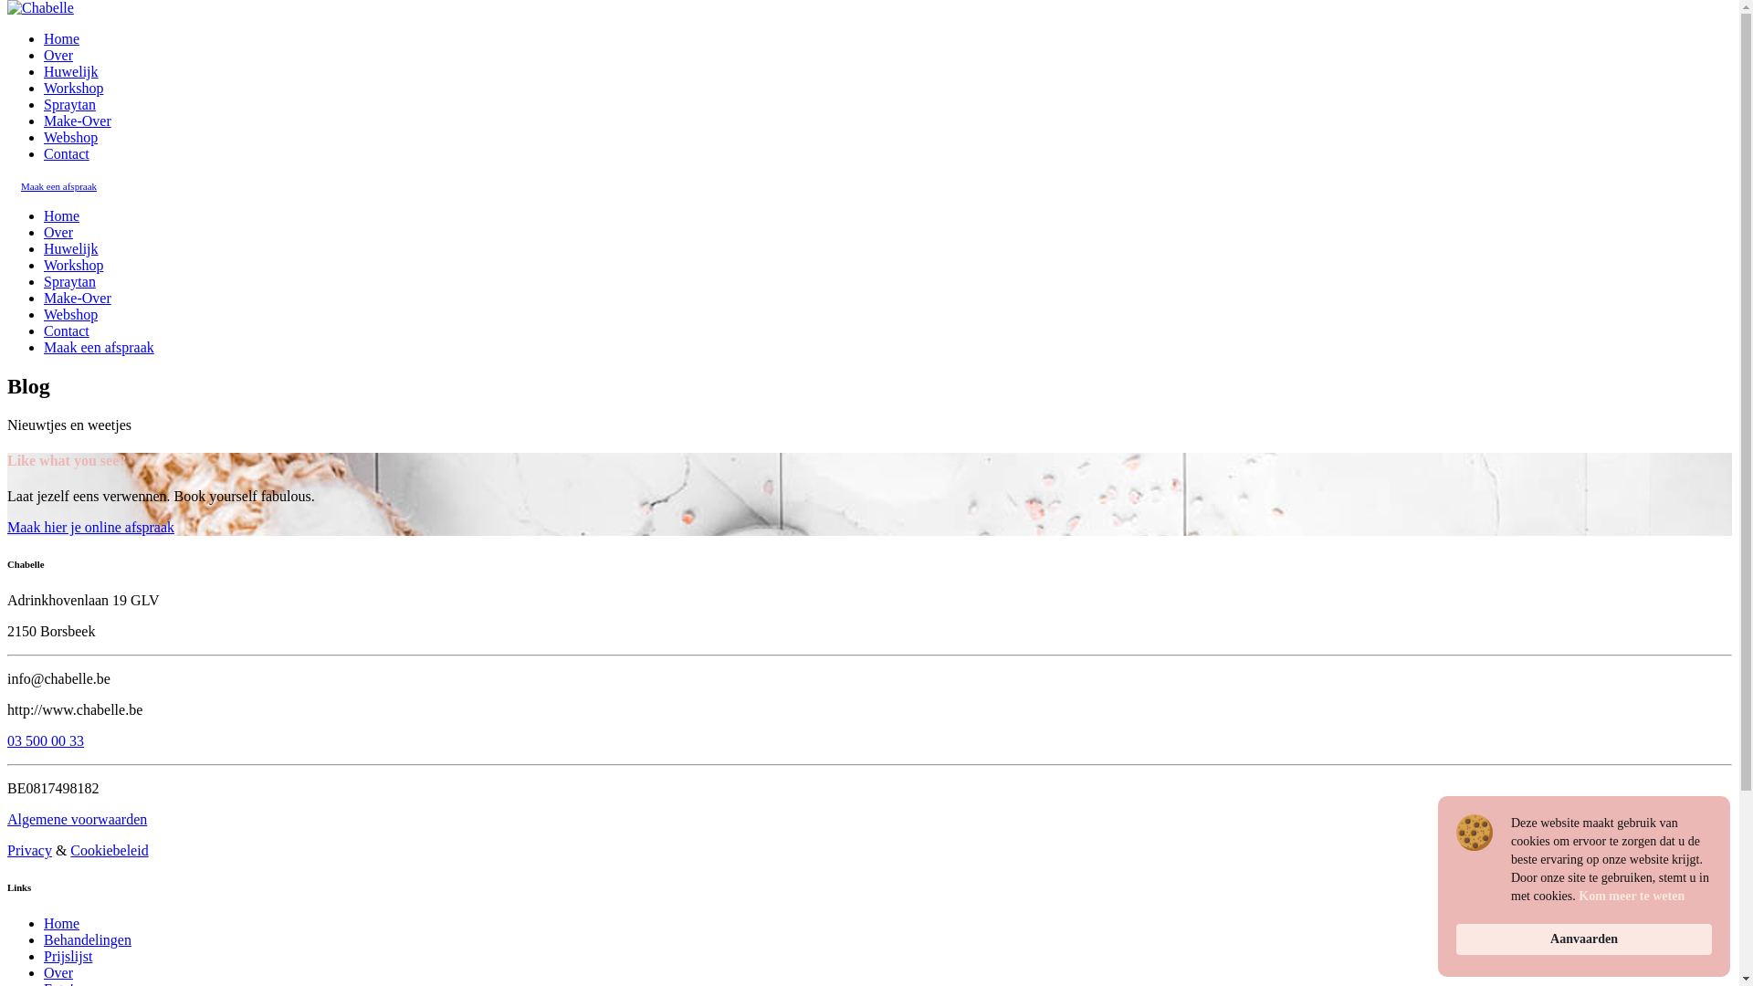 Image resolution: width=1753 pixels, height=986 pixels. I want to click on 'Behandelingen', so click(87, 939).